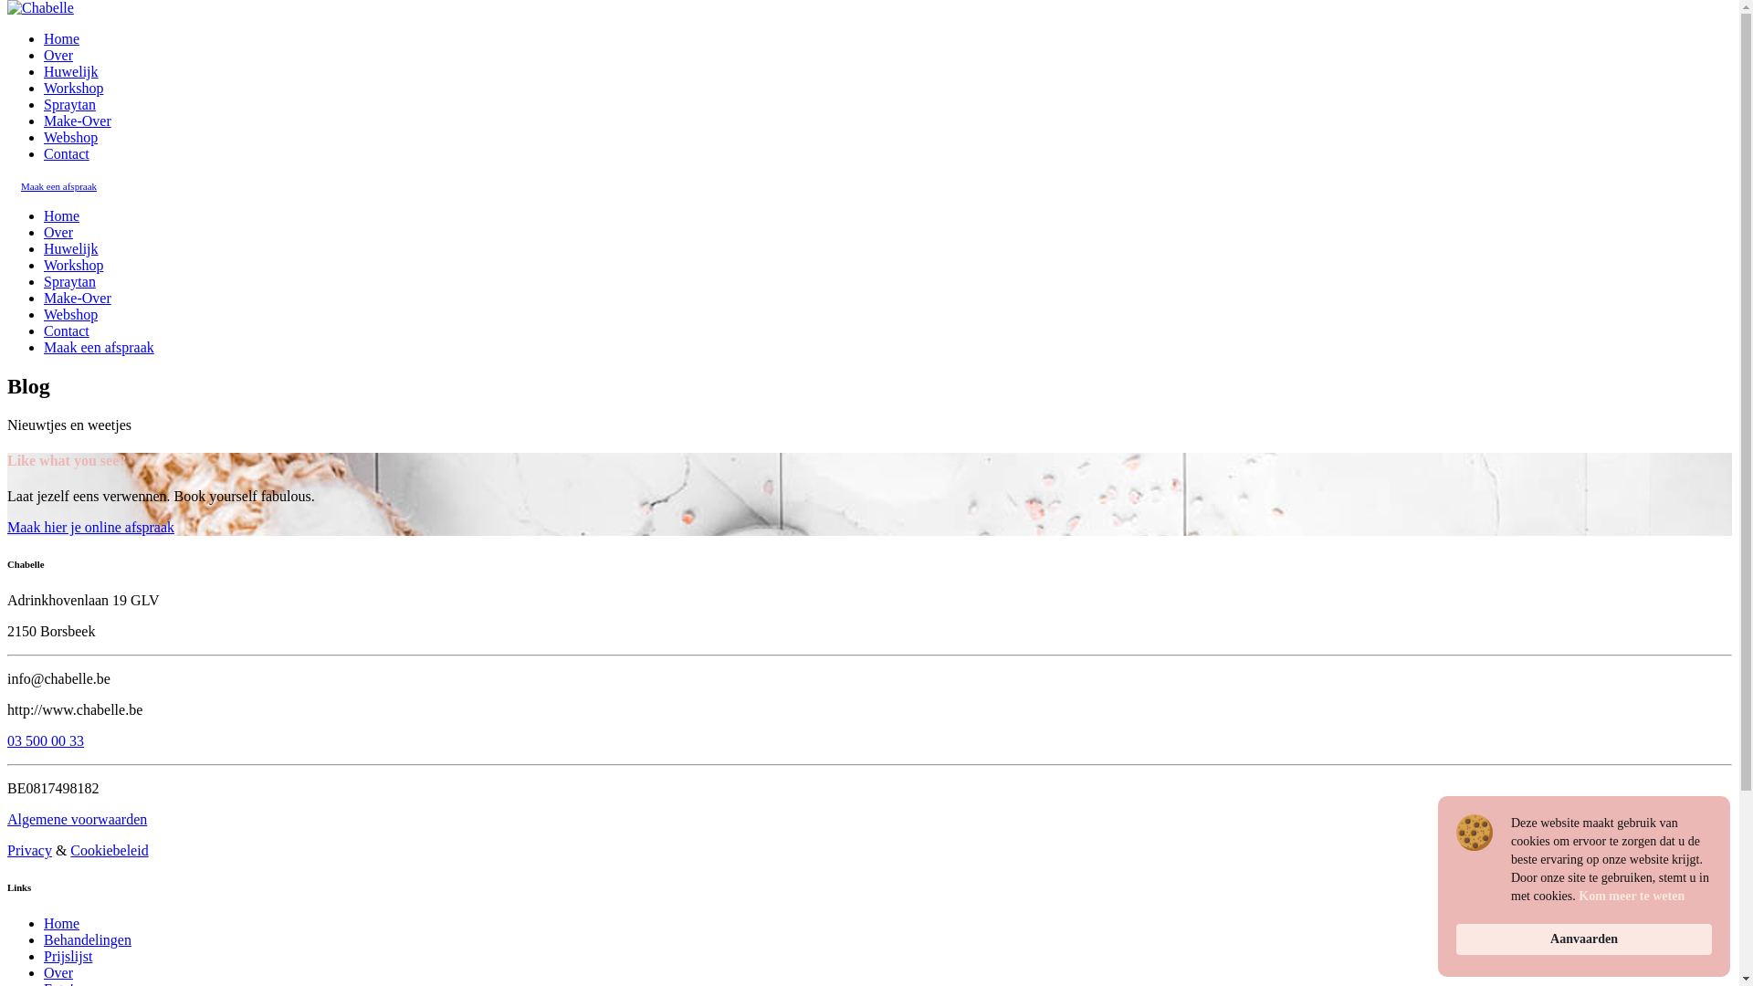 Image resolution: width=1753 pixels, height=986 pixels. I want to click on 'Behandelingen', so click(87, 939).